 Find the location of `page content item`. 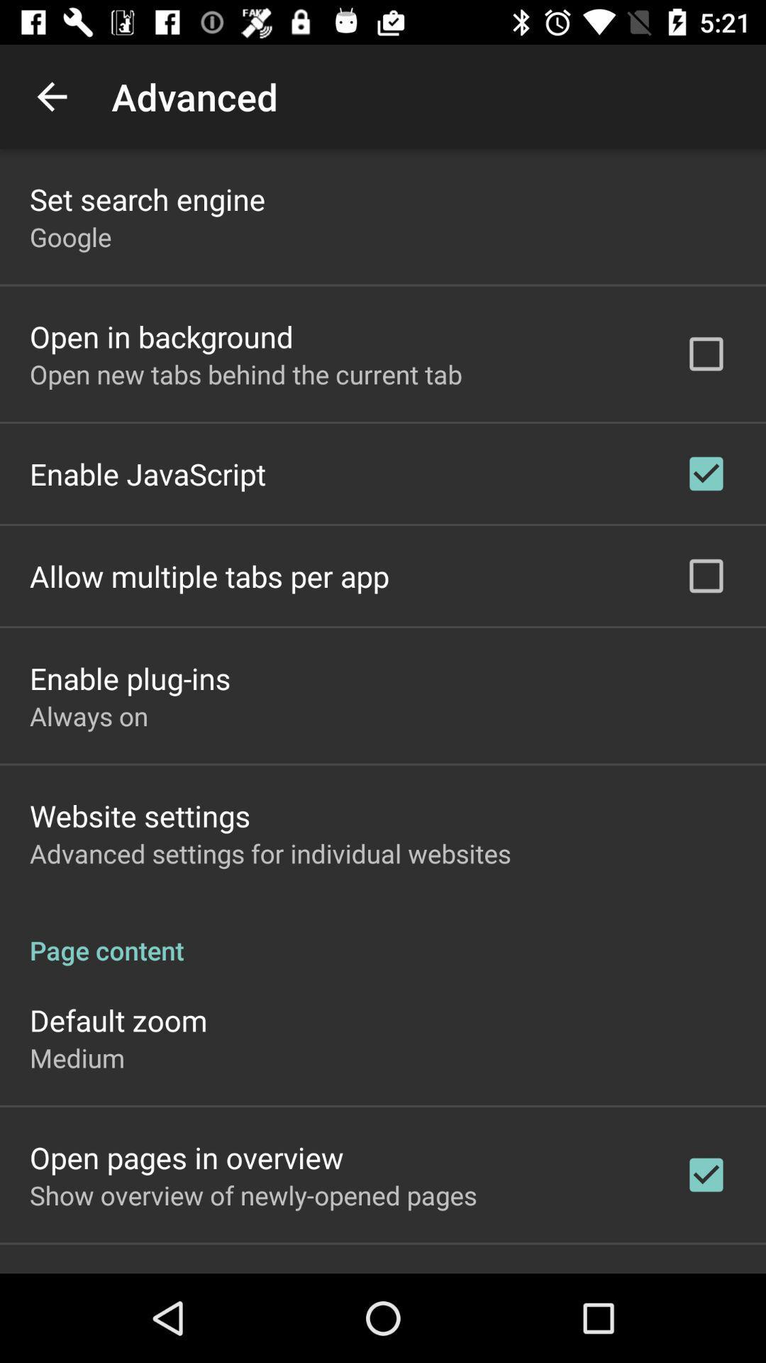

page content item is located at coordinates (383, 935).